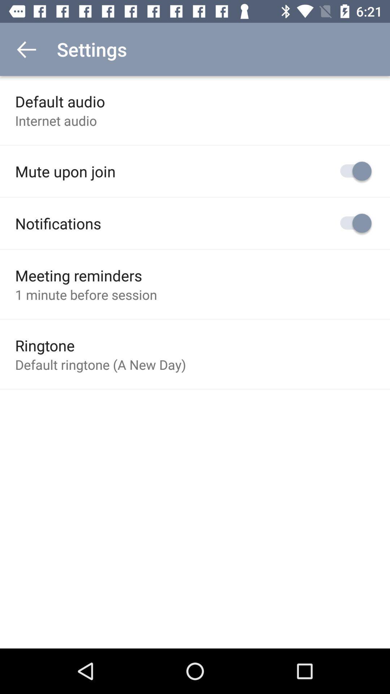  I want to click on meeting reminders, so click(78, 275).